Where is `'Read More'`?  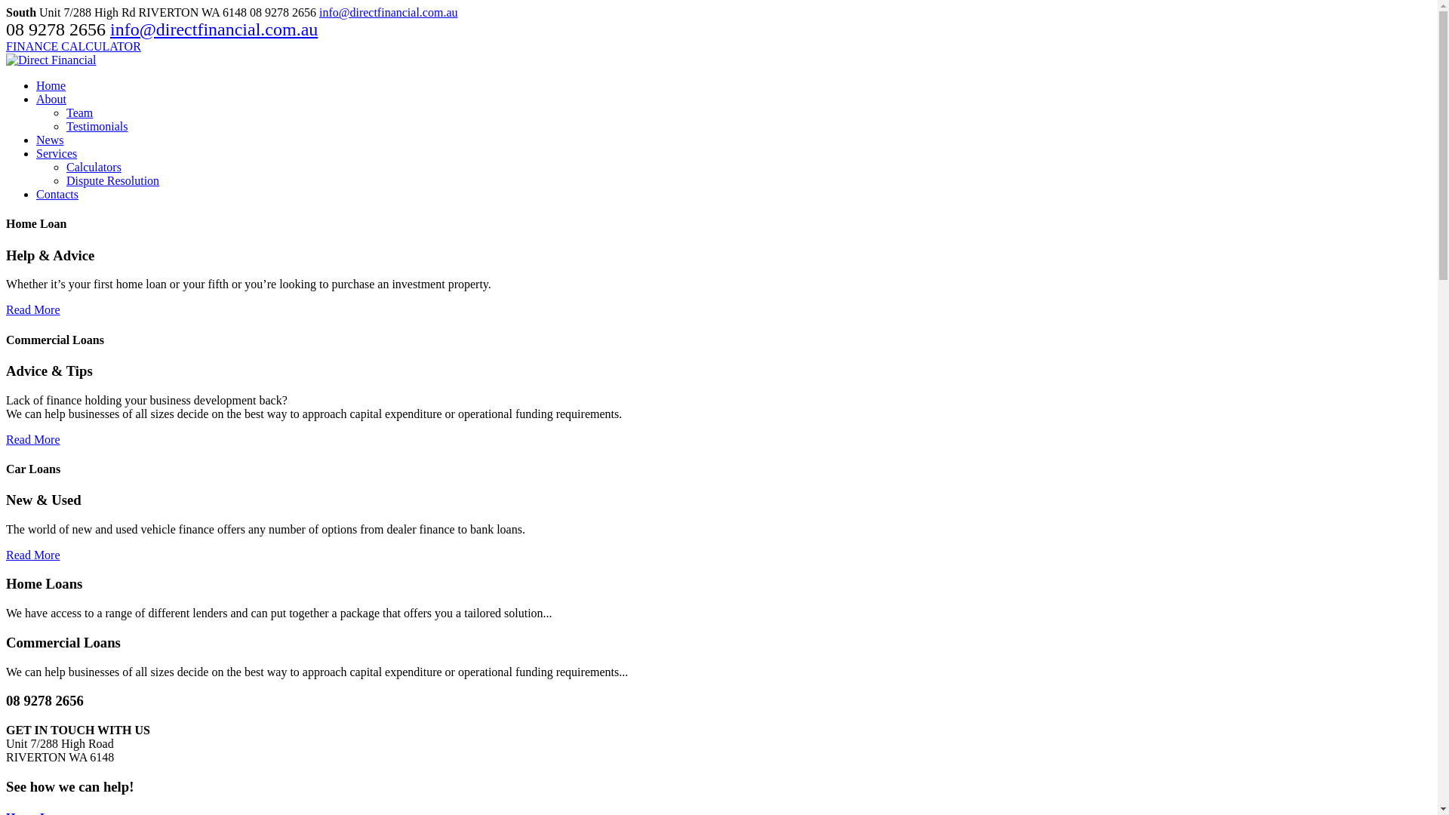
'Read More' is located at coordinates (6, 309).